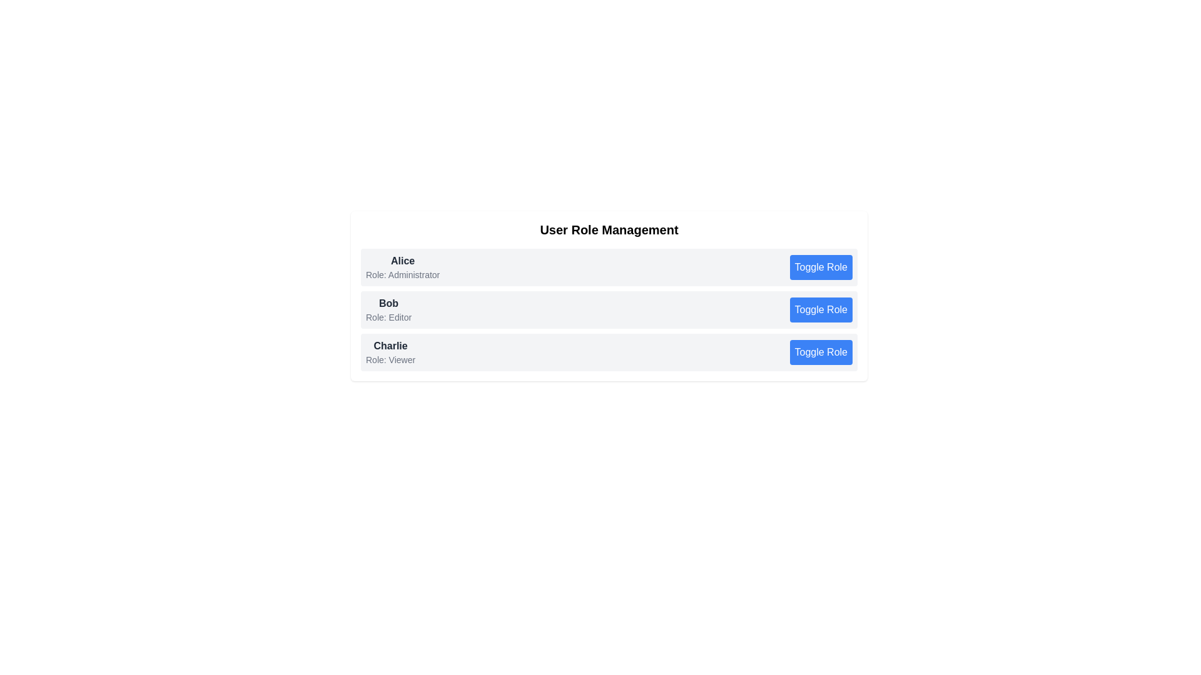 The width and height of the screenshot is (1201, 675). What do you see at coordinates (388, 317) in the screenshot?
I see `the informational Text Label indicating the role 'Editor' assigned to the user 'Bob', which is located in the data row directly below the bolded name label` at bounding box center [388, 317].